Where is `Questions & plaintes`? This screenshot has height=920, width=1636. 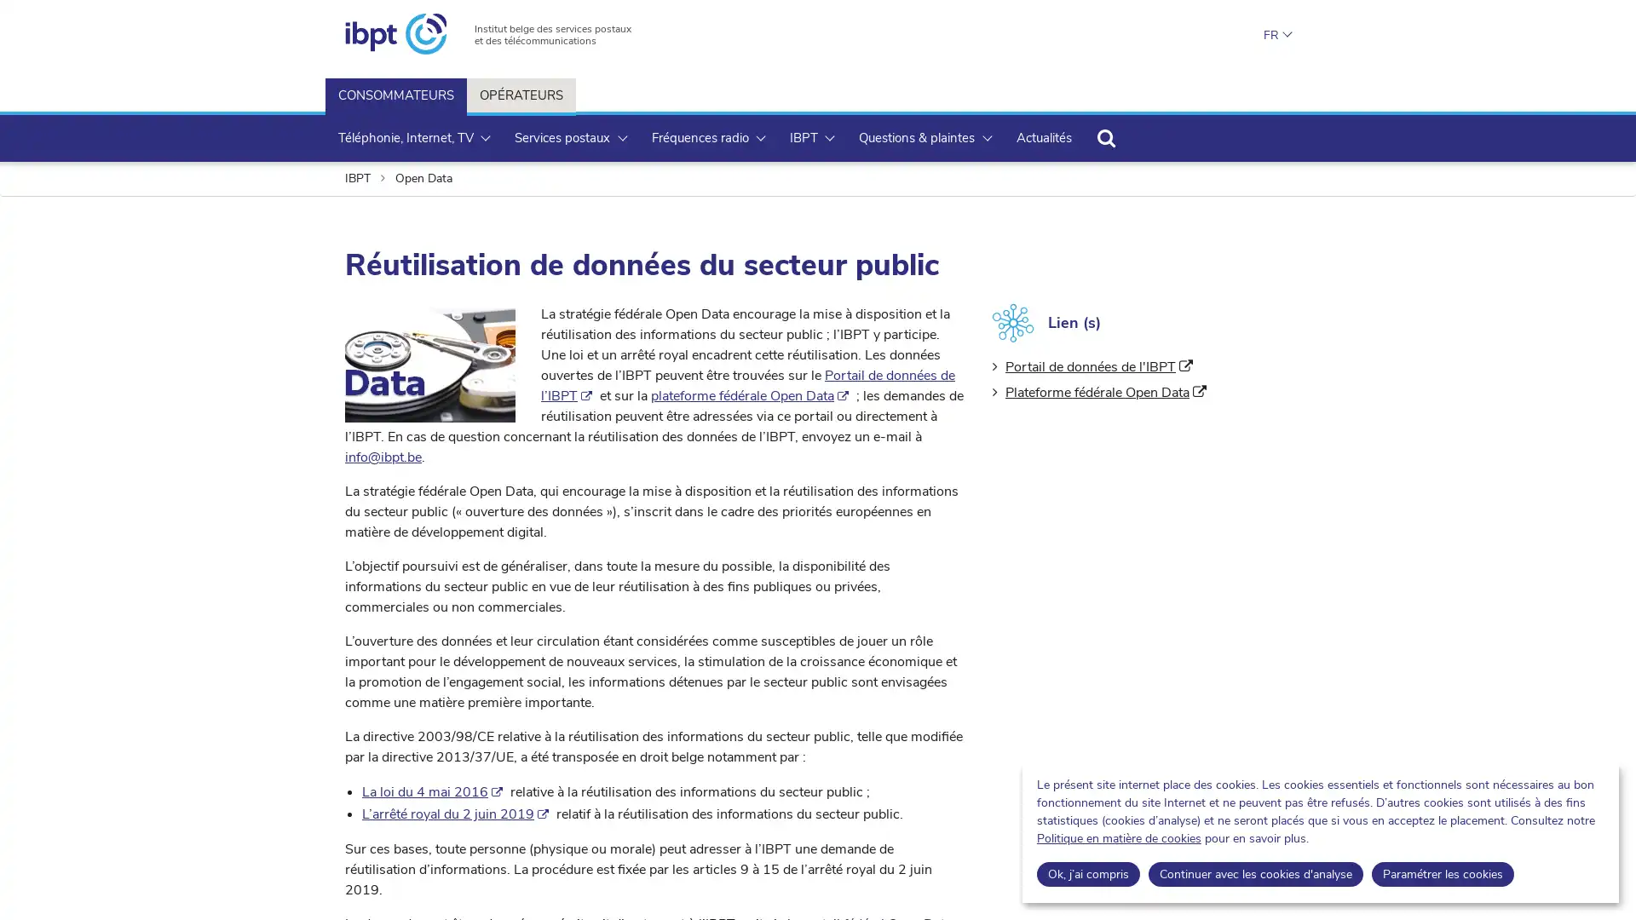
Questions & plaintes is located at coordinates (923, 137).